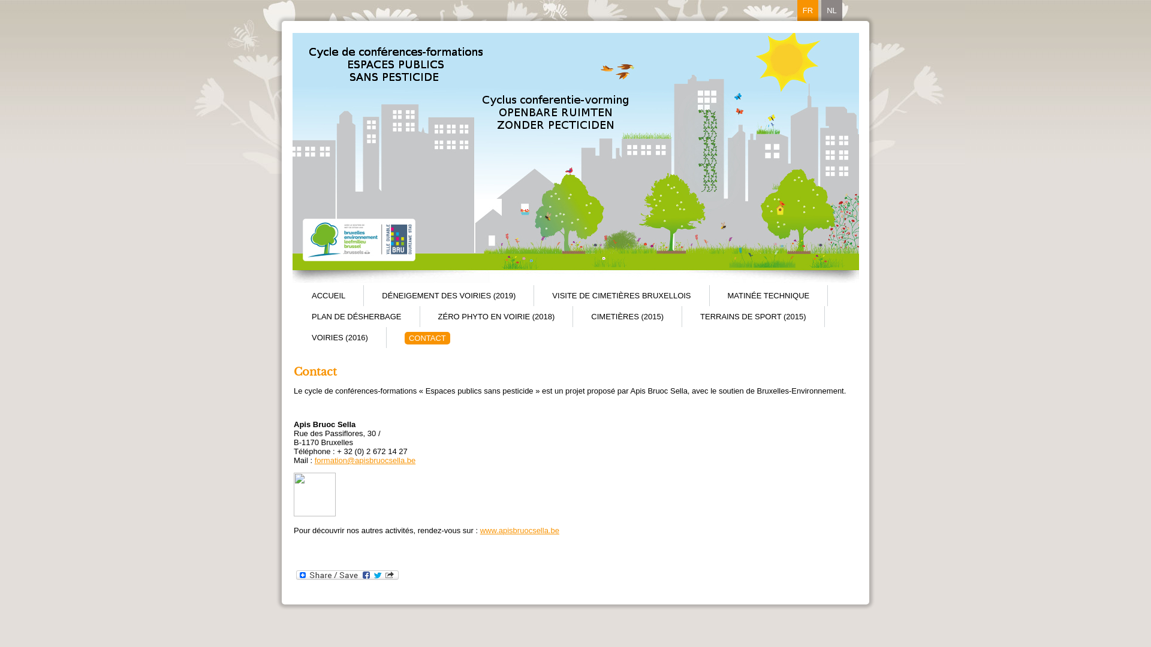 The width and height of the screenshot is (1151, 647). Describe the element at coordinates (427, 338) in the screenshot. I see `'CONTACT'` at that location.